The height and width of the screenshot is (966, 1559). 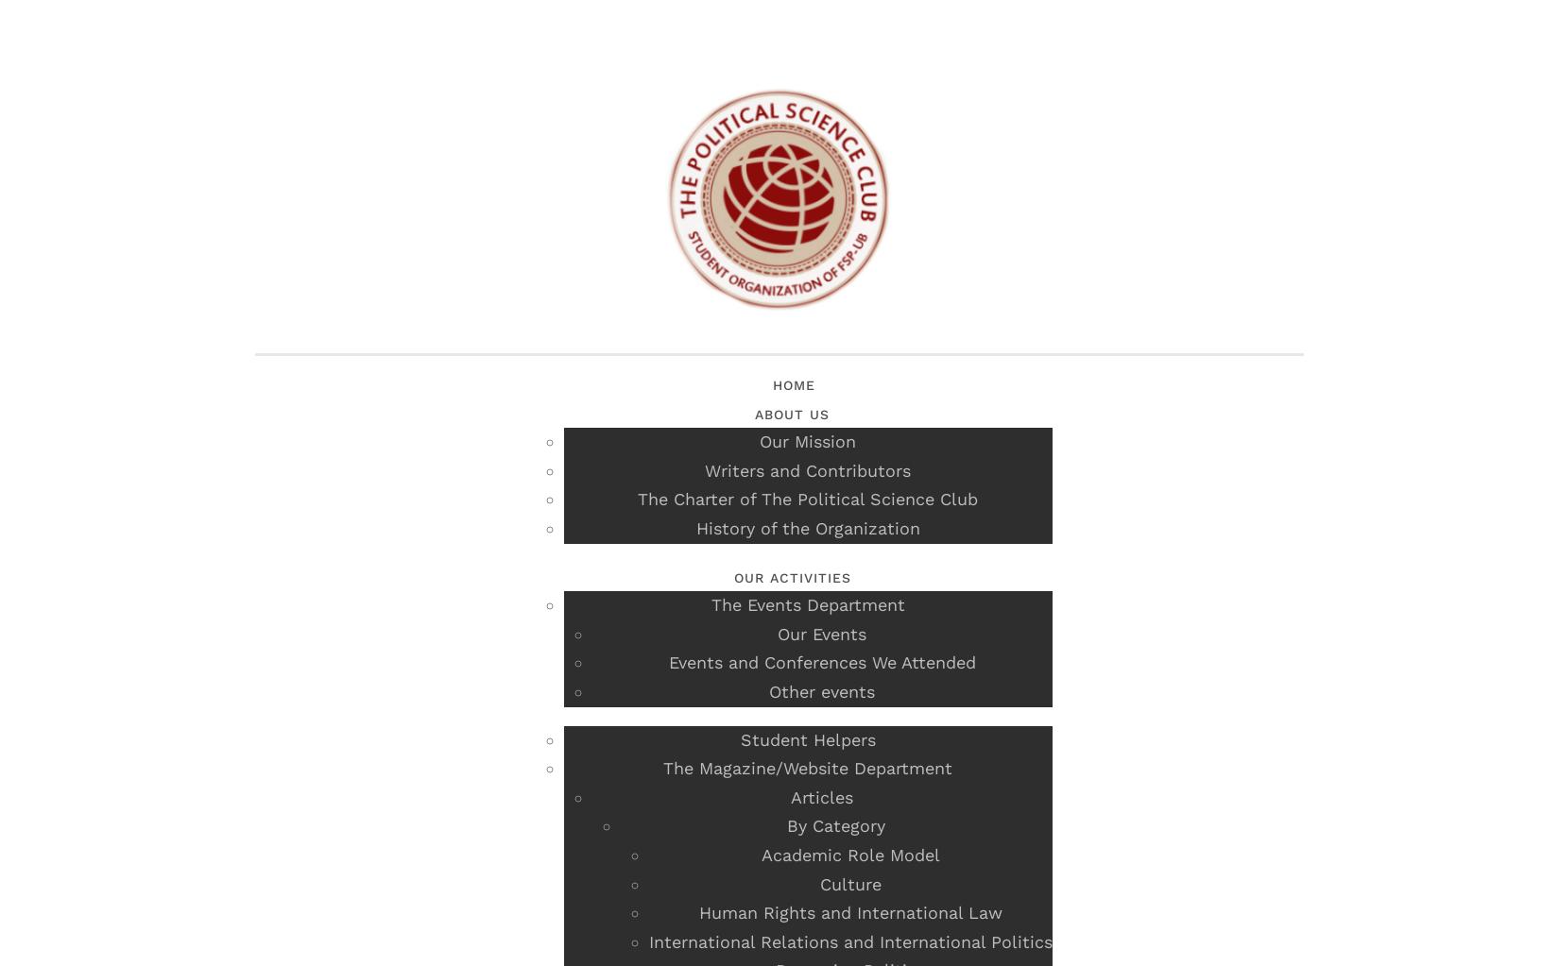 What do you see at coordinates (793, 384) in the screenshot?
I see `'Home'` at bounding box center [793, 384].